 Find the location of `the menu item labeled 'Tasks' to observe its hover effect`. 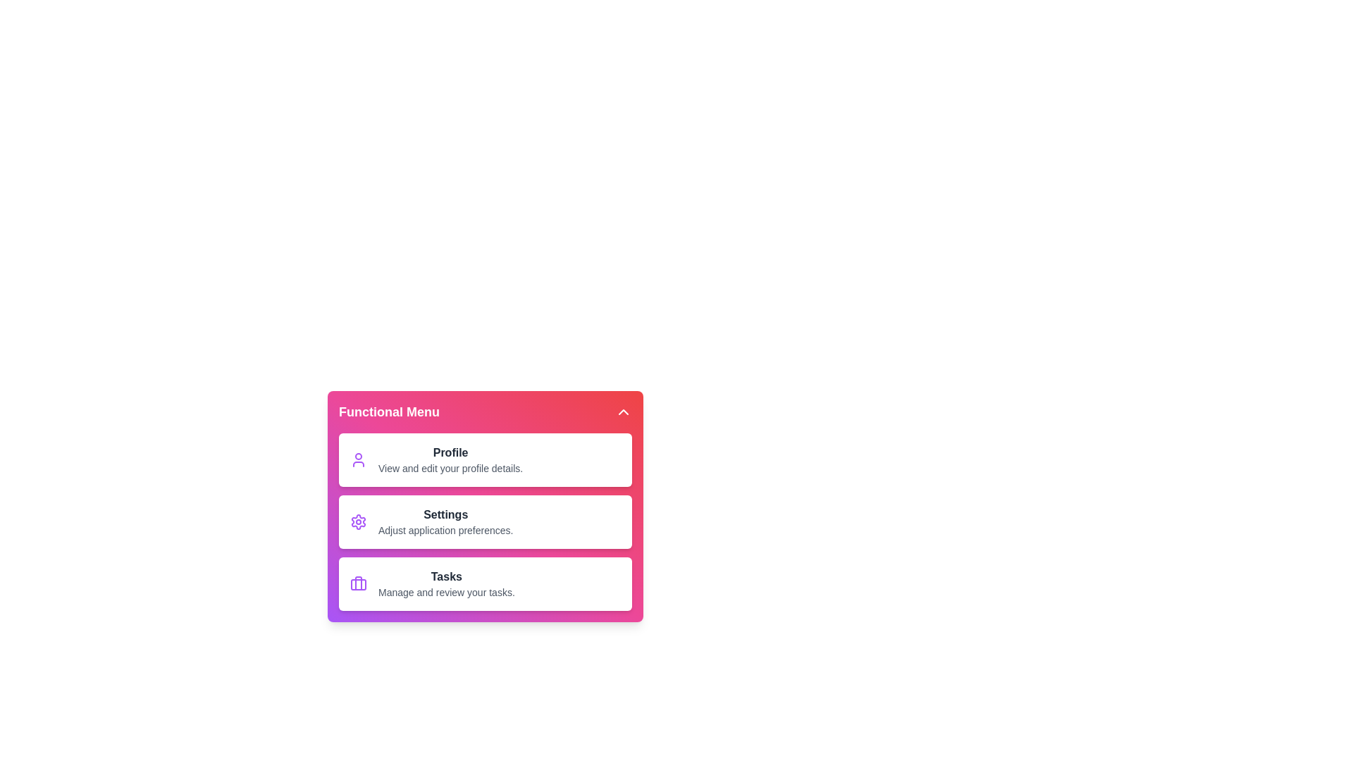

the menu item labeled 'Tasks' to observe its hover effect is located at coordinates (486, 584).